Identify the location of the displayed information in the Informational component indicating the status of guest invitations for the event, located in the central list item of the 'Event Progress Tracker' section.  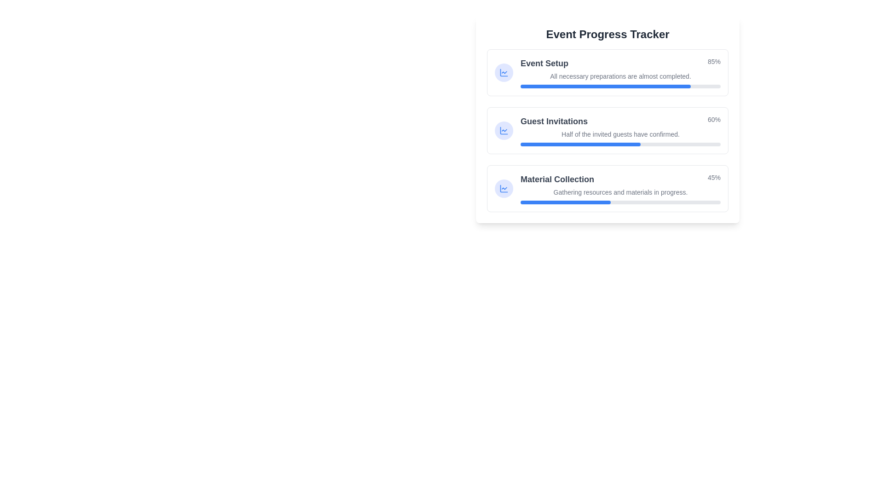
(620, 131).